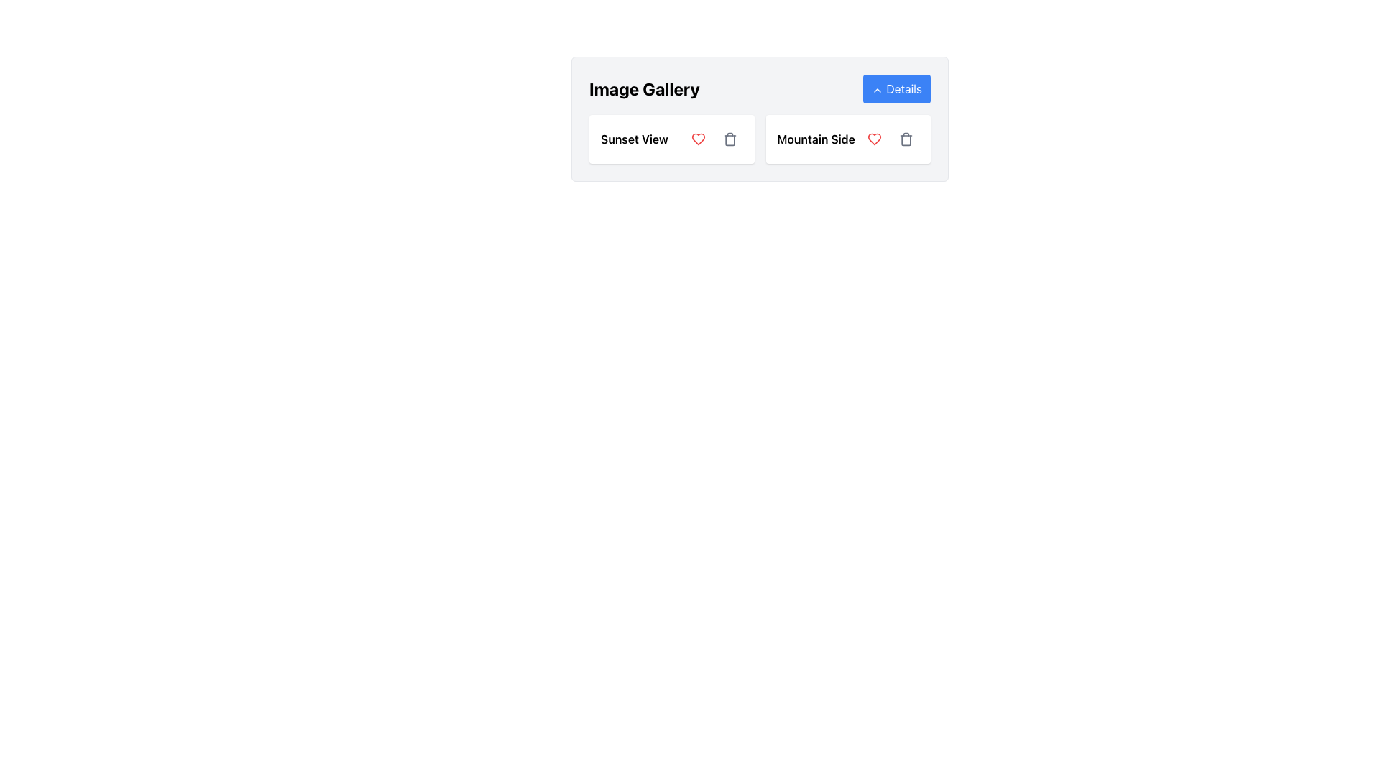  Describe the element at coordinates (698, 139) in the screenshot. I see `the heart icon button, which serves as a 'Favorite' or 'Like' button for the 'Sunset View' item` at that location.